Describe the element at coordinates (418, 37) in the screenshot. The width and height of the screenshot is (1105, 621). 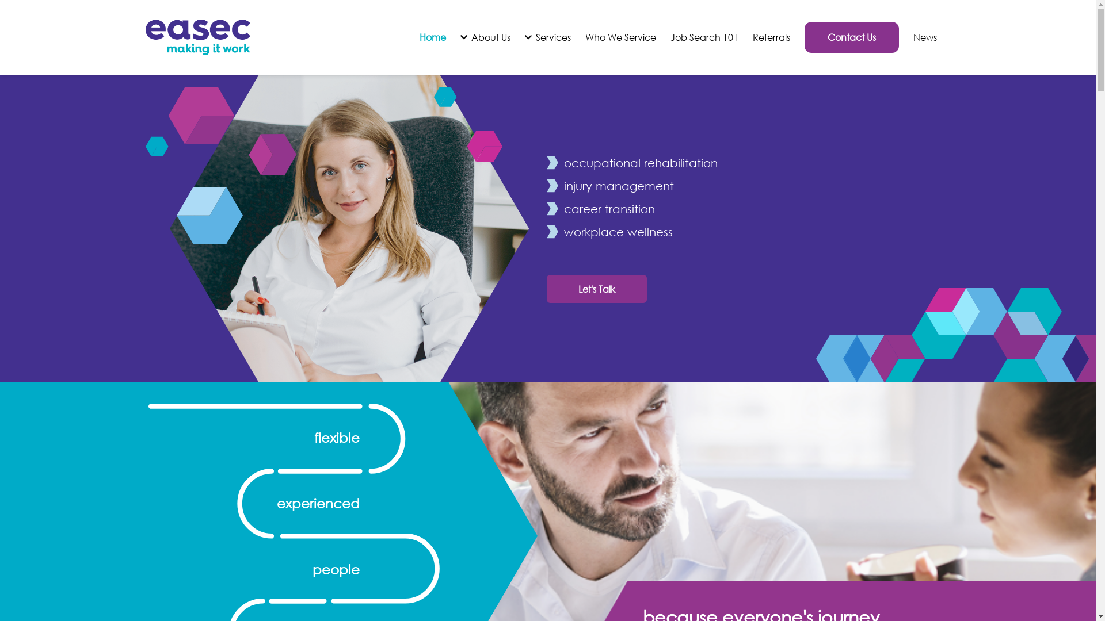
I see `'Home'` at that location.